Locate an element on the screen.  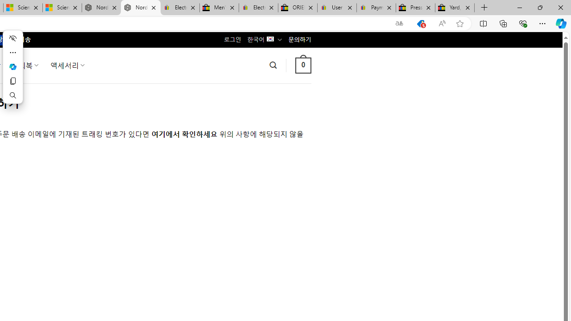
'New Tab' is located at coordinates (484, 8).